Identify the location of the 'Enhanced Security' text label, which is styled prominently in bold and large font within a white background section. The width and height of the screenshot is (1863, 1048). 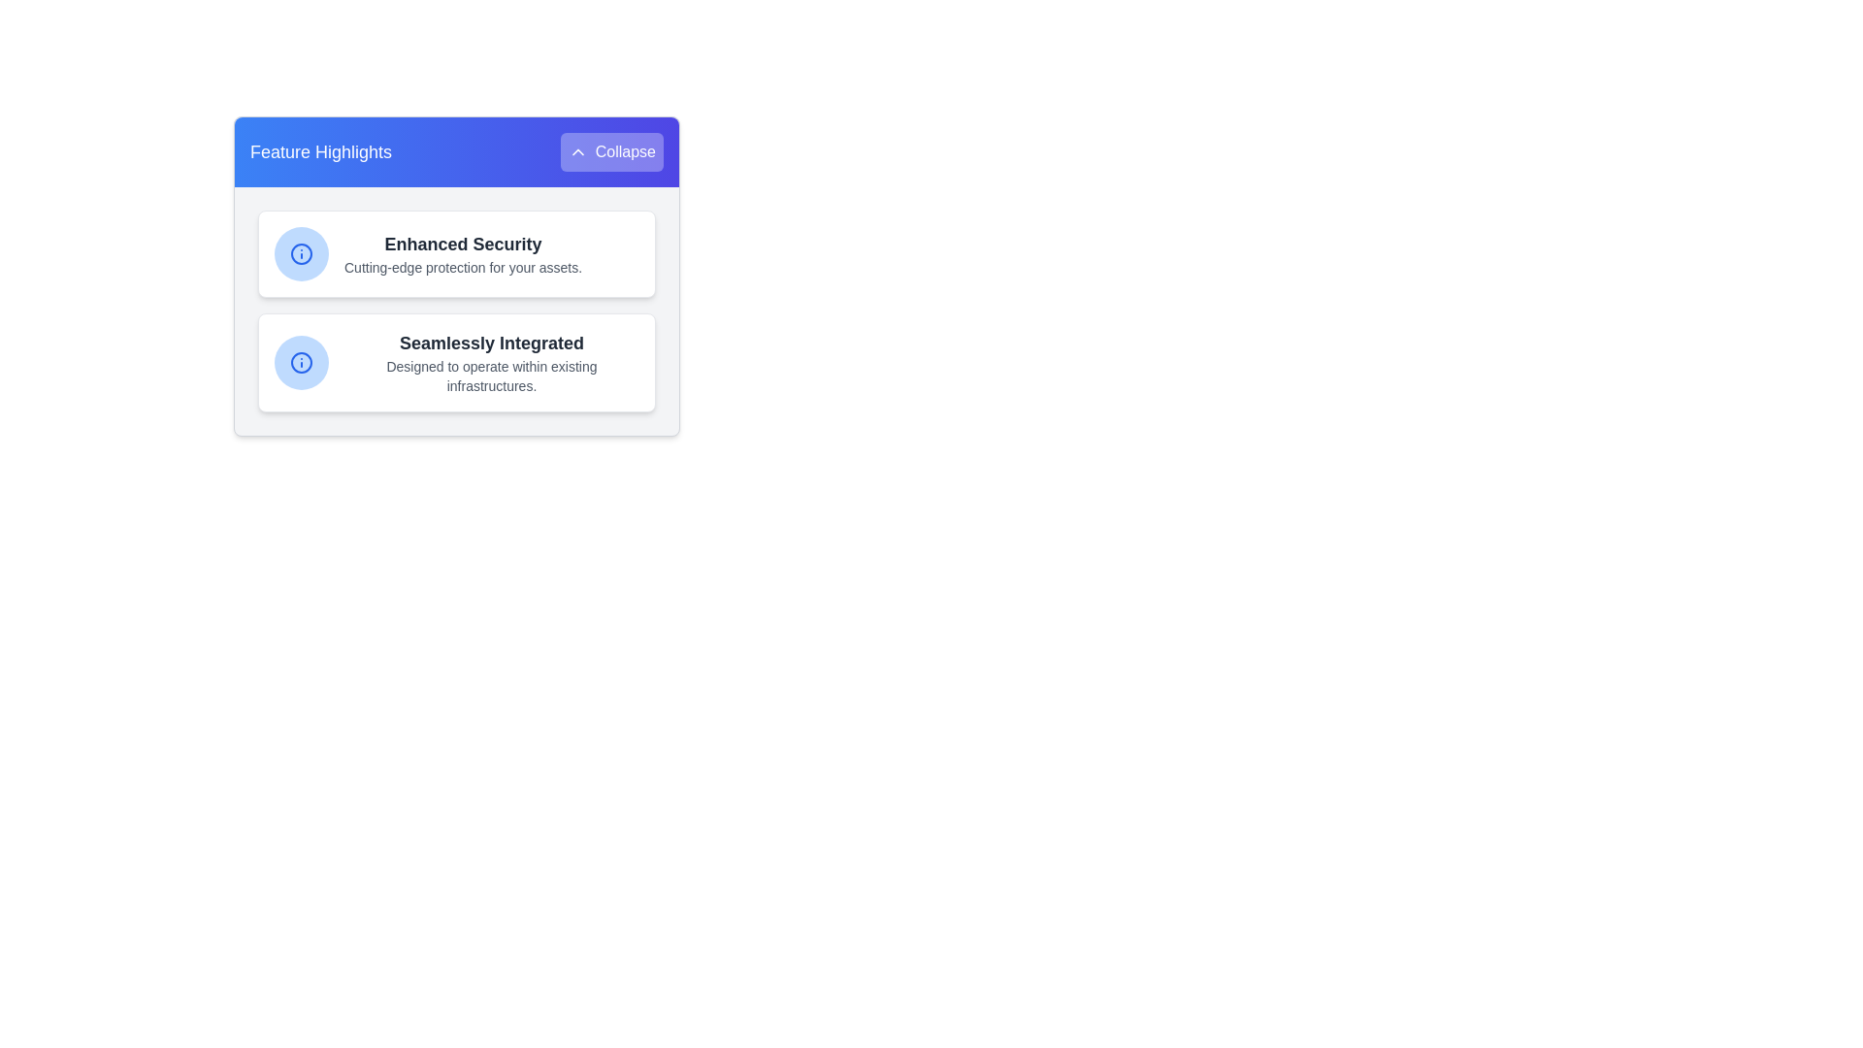
(462, 243).